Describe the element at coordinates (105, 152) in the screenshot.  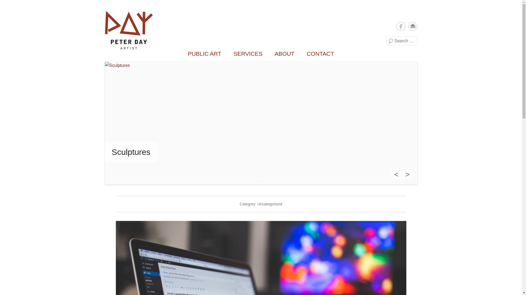
I see `'Sculptures'` at that location.